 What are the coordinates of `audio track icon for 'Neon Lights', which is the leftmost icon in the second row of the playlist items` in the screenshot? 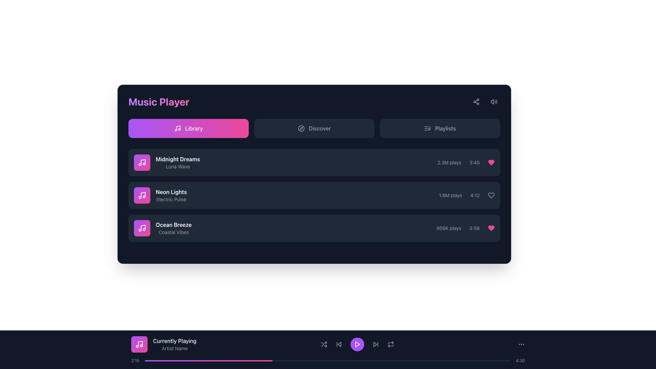 It's located at (142, 195).